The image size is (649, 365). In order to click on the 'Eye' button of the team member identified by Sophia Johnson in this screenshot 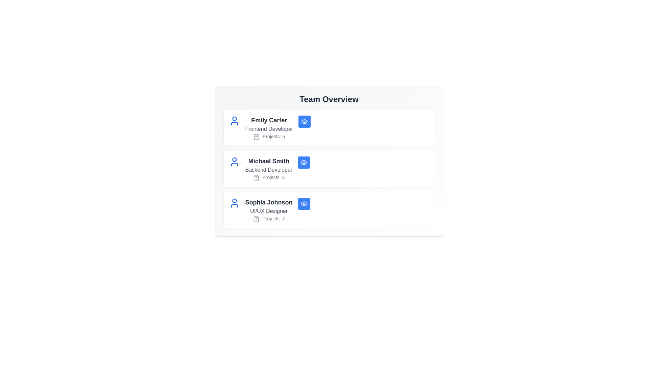, I will do `click(304, 203)`.